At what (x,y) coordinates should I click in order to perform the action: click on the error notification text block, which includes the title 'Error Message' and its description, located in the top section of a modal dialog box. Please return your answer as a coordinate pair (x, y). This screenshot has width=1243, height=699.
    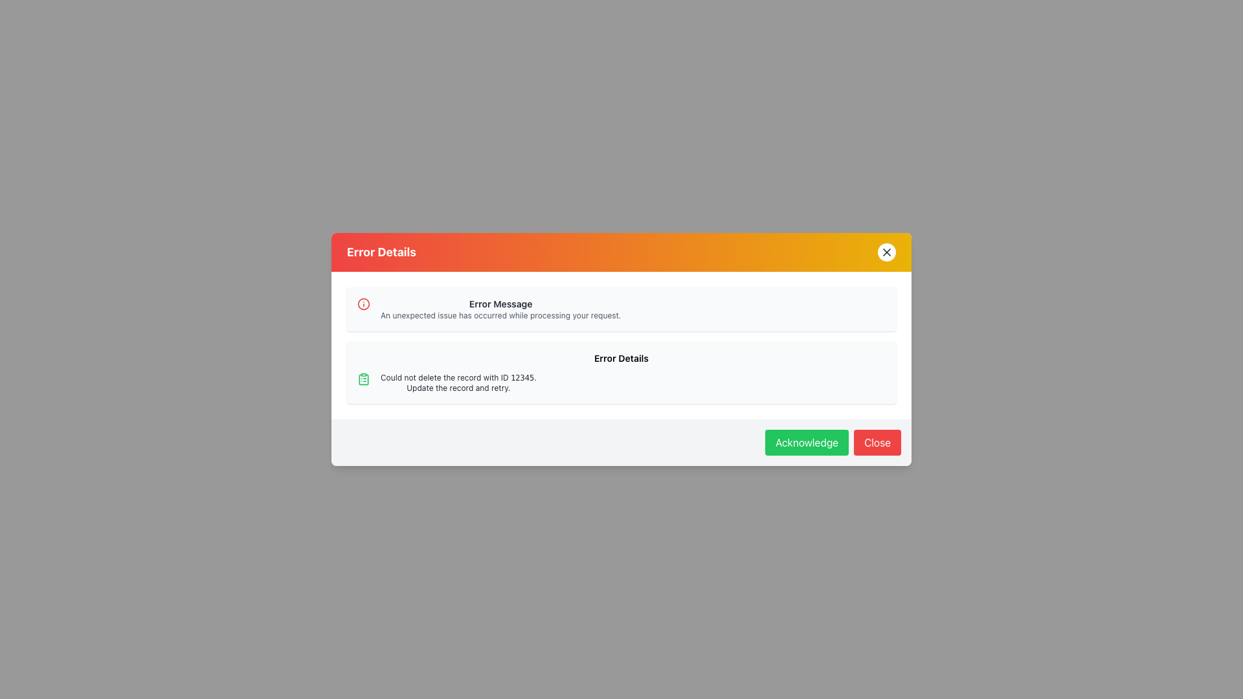
    Looking at the image, I should click on (500, 309).